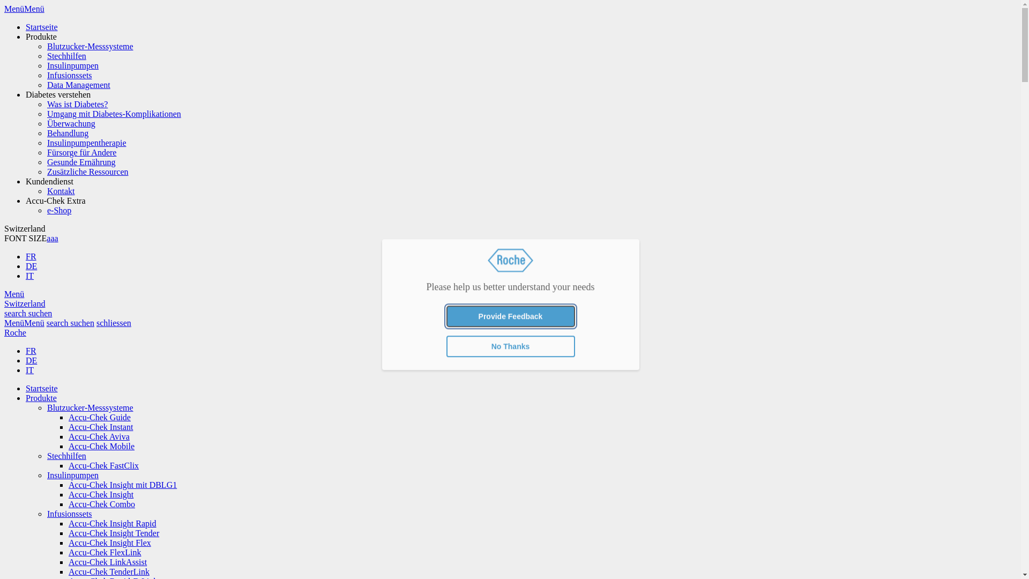 The image size is (1029, 579). What do you see at coordinates (114, 533) in the screenshot?
I see `'Accu-Chek Insight Tender'` at bounding box center [114, 533].